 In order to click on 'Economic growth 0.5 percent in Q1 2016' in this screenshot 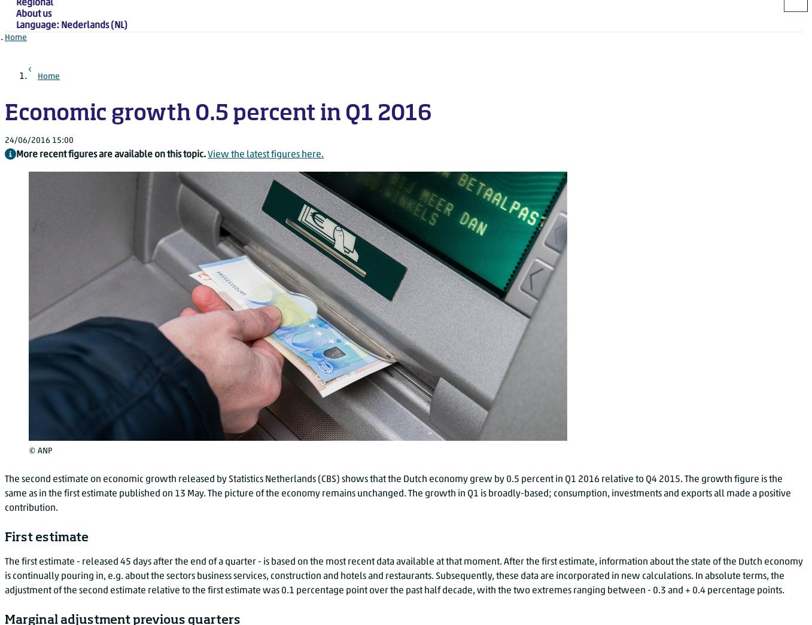, I will do `click(4, 114)`.